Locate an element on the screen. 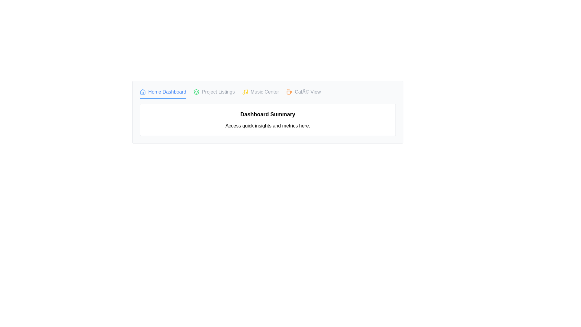 Image resolution: width=581 pixels, height=327 pixels. the 'Home Dashboard' text label in the top navigation bar, which indicates the current active section of the application is located at coordinates (167, 92).